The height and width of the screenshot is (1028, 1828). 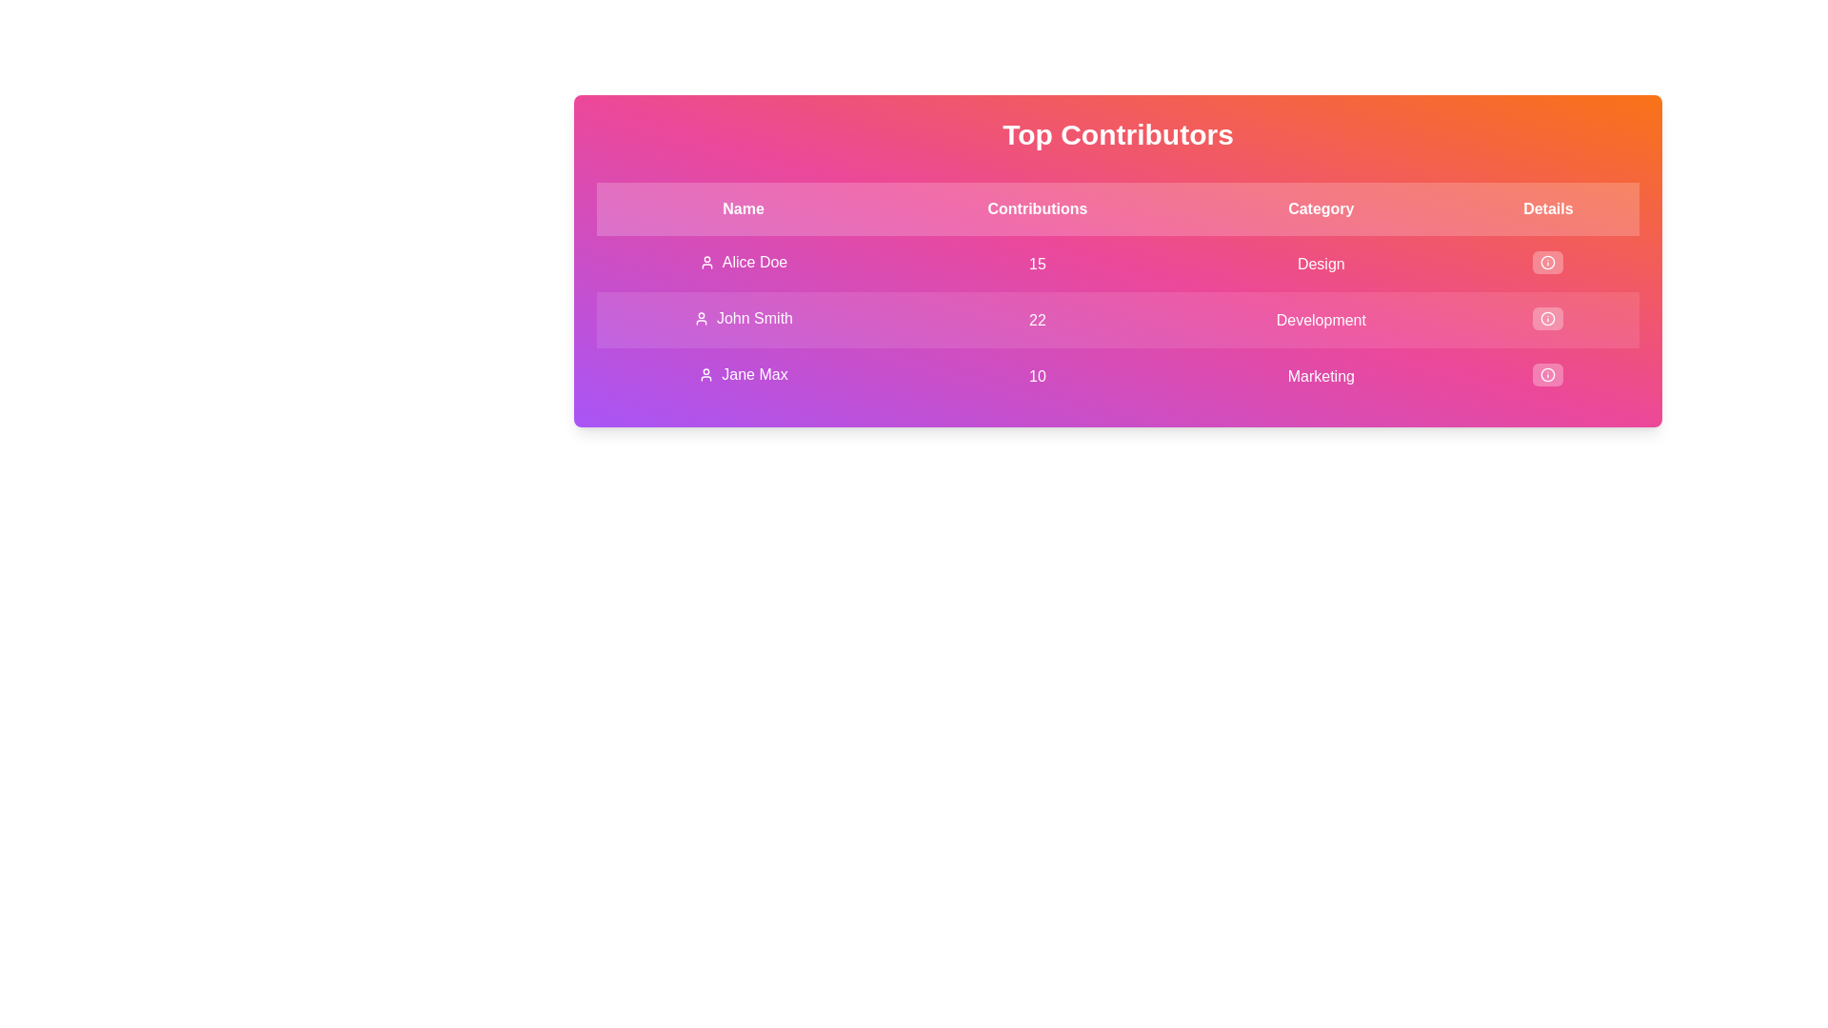 What do you see at coordinates (700, 318) in the screenshot?
I see `the user silhouette icon located to the left of the name 'John Smith' in the second row of the 'Top Contributors' table` at bounding box center [700, 318].